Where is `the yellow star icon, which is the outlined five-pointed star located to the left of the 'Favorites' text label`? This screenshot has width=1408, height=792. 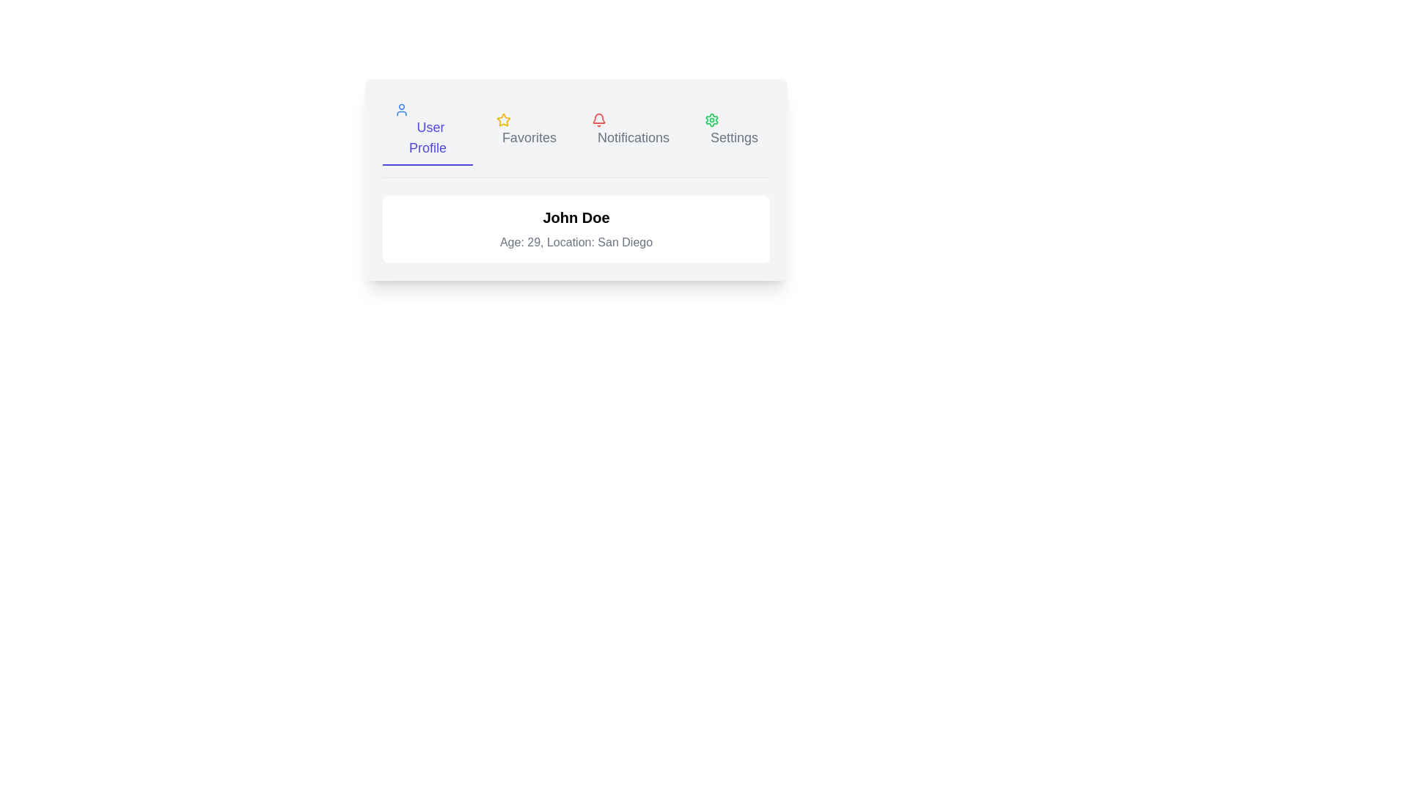 the yellow star icon, which is the outlined five-pointed star located to the left of the 'Favorites' text label is located at coordinates (503, 120).